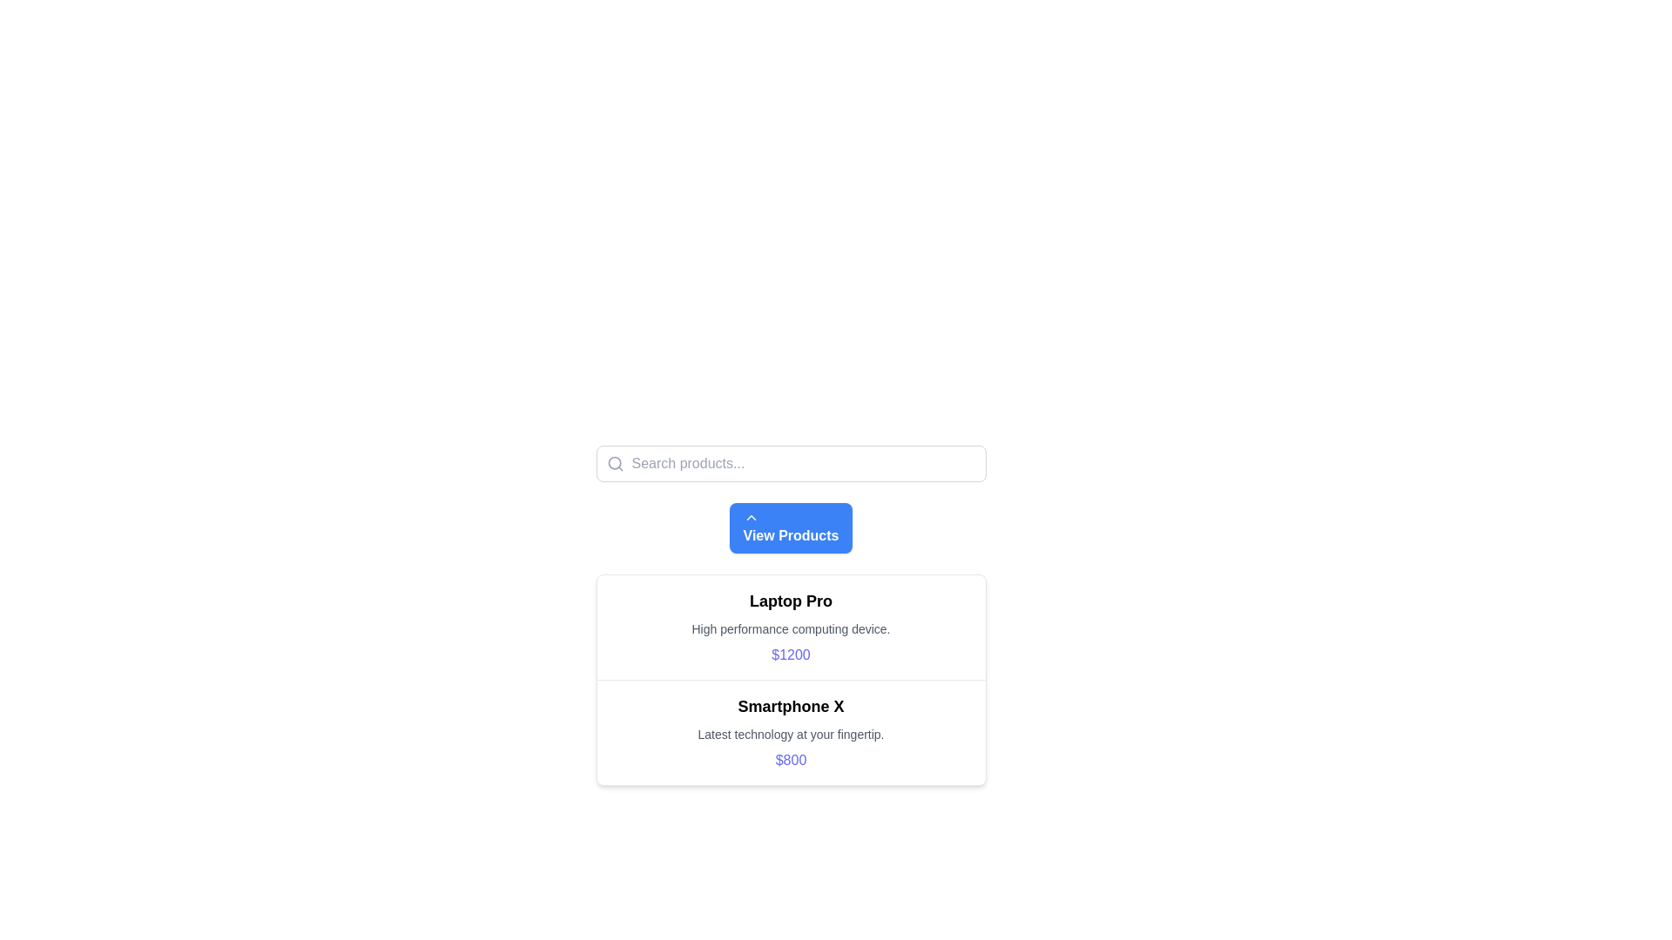 Image resolution: width=1672 pixels, height=940 pixels. Describe the element at coordinates (790, 707) in the screenshot. I see `the 'Smartphone X' text label which is displayed in a bold, larger font size, located within a product card above the descriptive text and price` at that location.